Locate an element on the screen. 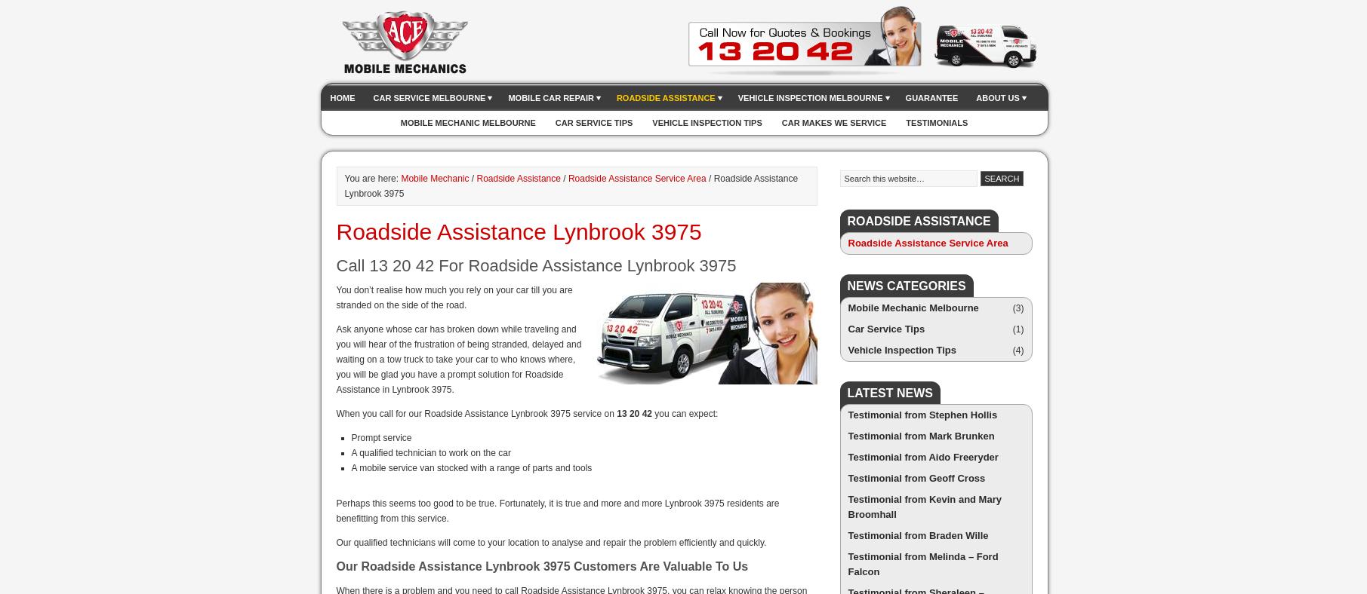  'Perhaps this seems too good to be true. Fortunately, it is true and more and more Lynbrook 3975 residents are benefitting from this service.' is located at coordinates (335, 510).